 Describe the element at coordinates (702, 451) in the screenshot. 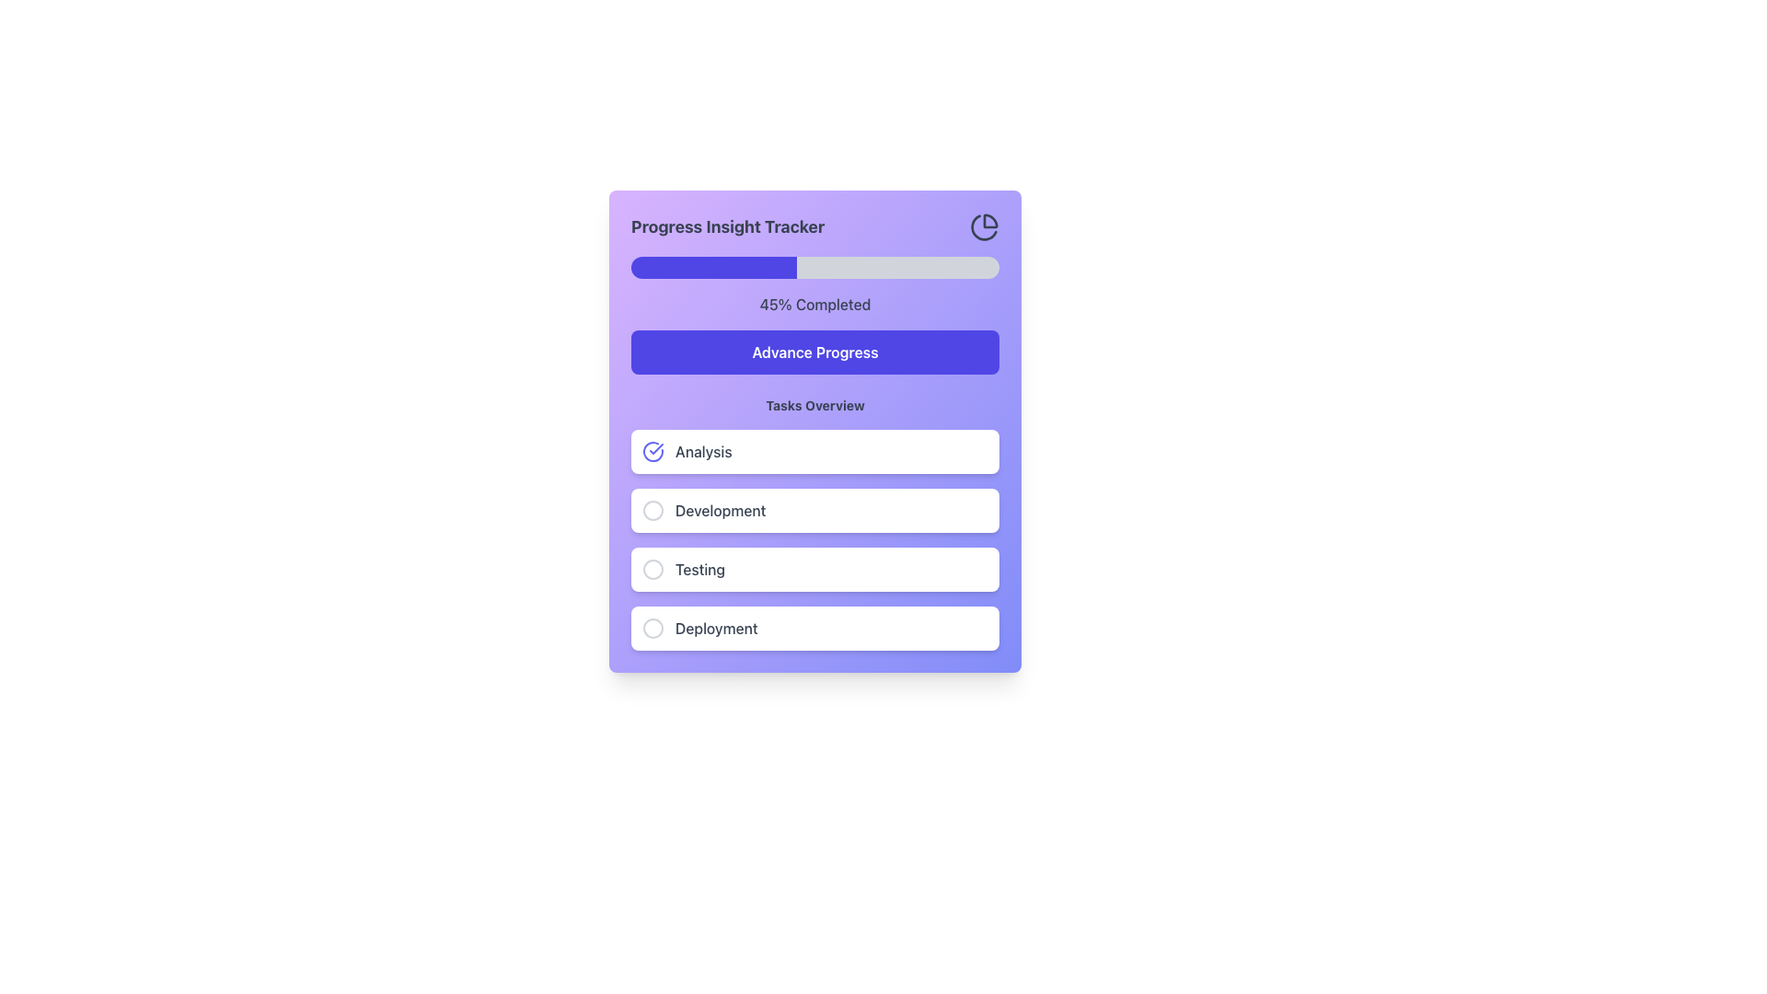

I see `the Text Label that serves as the title for the associated task, located at the top-left of the first item in the 'Tasks Overview' list, adjacent to a blue circular checkmark icon` at that location.